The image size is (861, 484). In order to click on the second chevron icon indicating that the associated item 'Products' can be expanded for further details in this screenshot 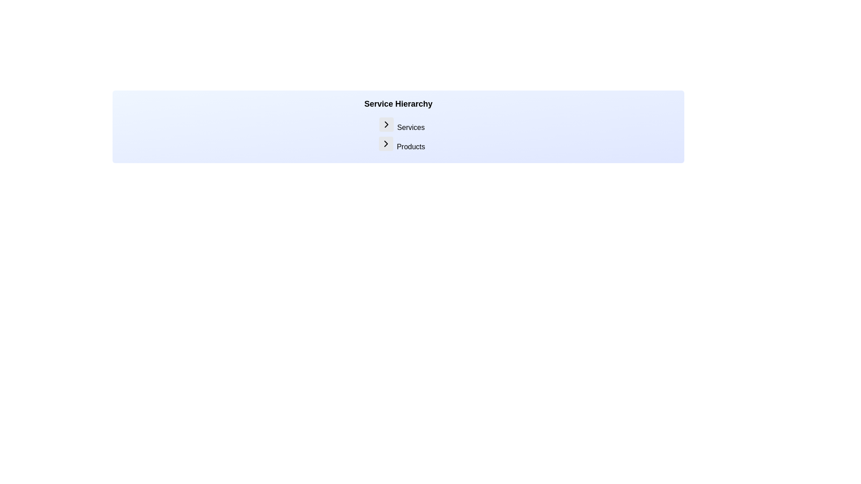, I will do `click(386, 143)`.